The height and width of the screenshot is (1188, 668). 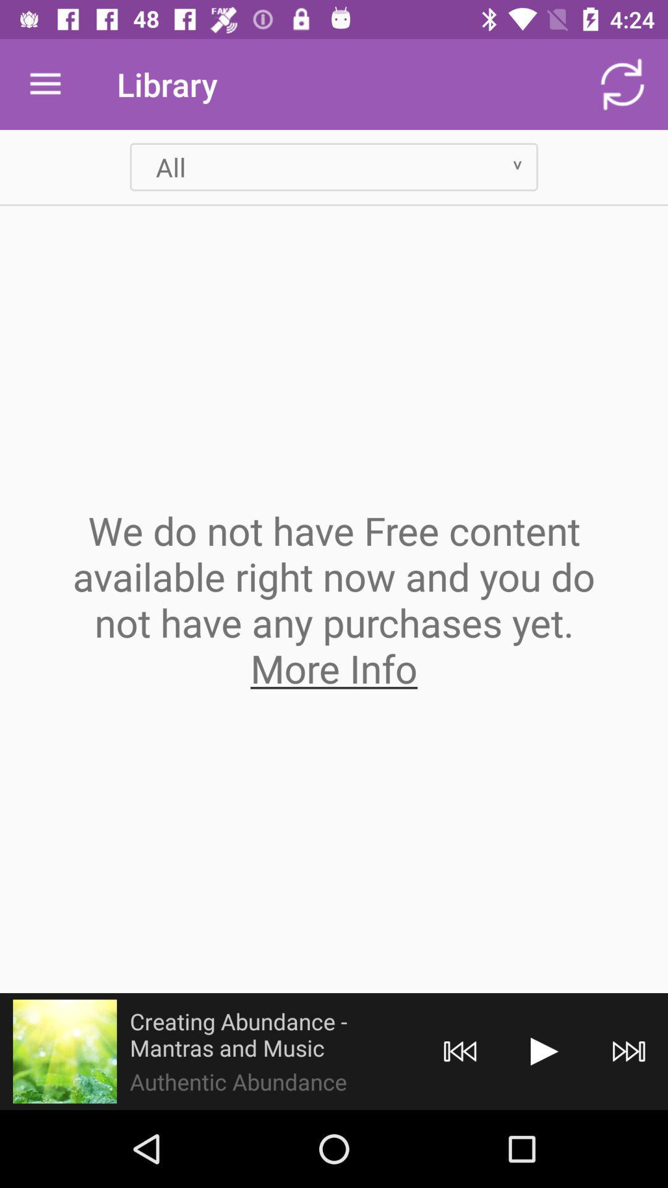 I want to click on the music, so click(x=544, y=1051).